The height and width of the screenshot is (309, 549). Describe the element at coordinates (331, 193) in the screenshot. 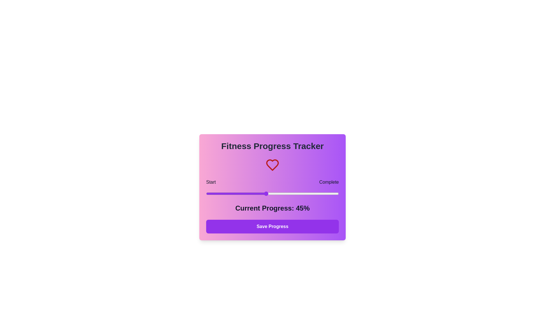

I see `the slider to set progress to 94%` at that location.